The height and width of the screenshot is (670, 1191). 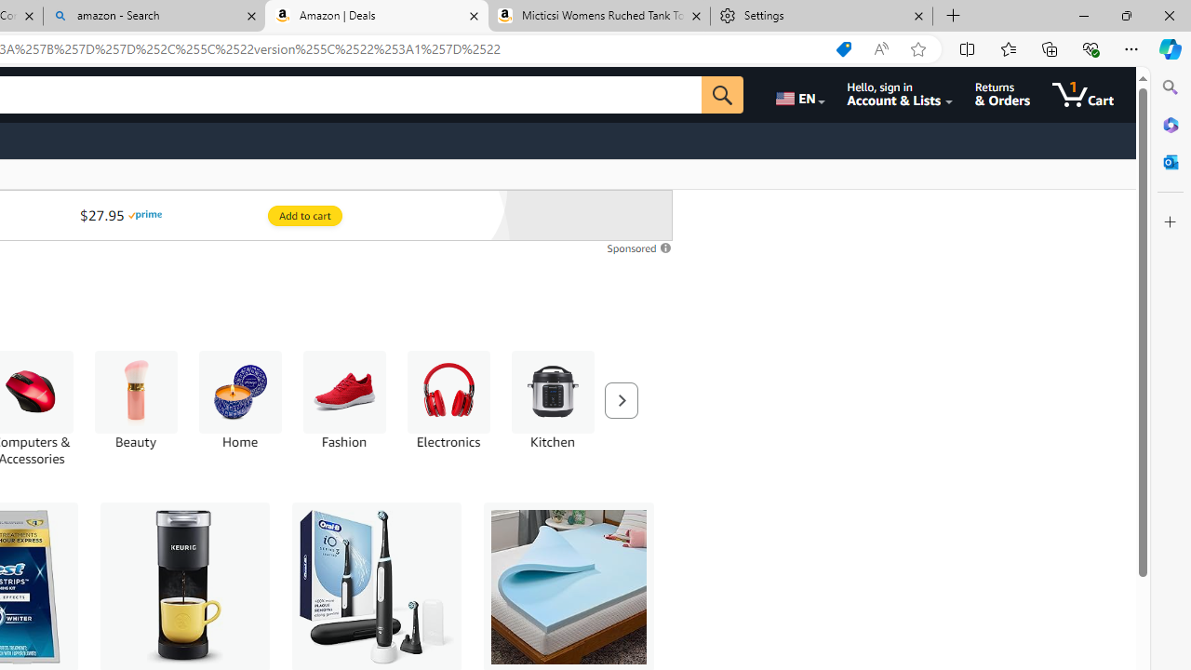 What do you see at coordinates (1001, 94) in the screenshot?
I see `'Returns & Orders'` at bounding box center [1001, 94].